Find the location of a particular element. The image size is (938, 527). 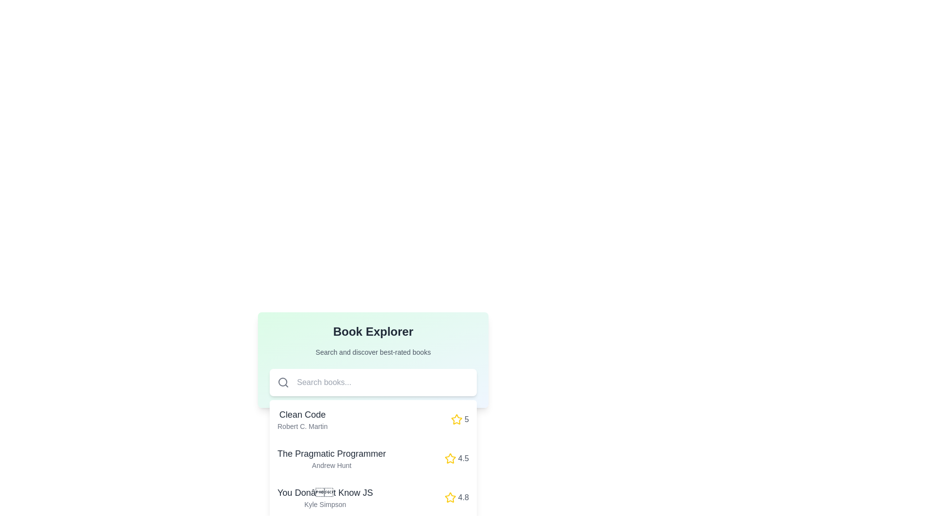

rating value displayed by the rating indicator for the book 'You Don’t Know JS' located in the lower right corner of its list item is located at coordinates (456, 497).